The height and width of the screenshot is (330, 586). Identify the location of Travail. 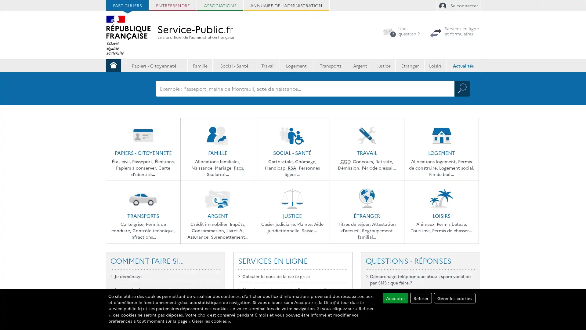
(268, 65).